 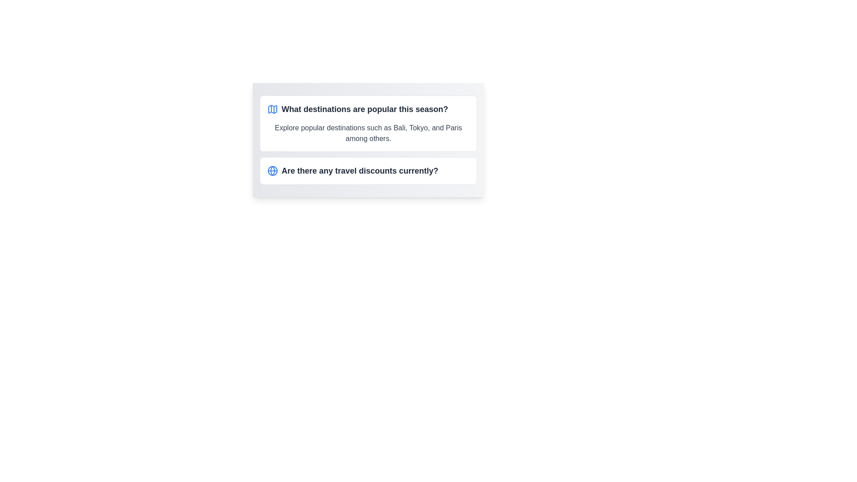 I want to click on the descriptive text element providing information about popular travel destinations, located below the header 'What destinations are popular this season?', so click(x=368, y=133).